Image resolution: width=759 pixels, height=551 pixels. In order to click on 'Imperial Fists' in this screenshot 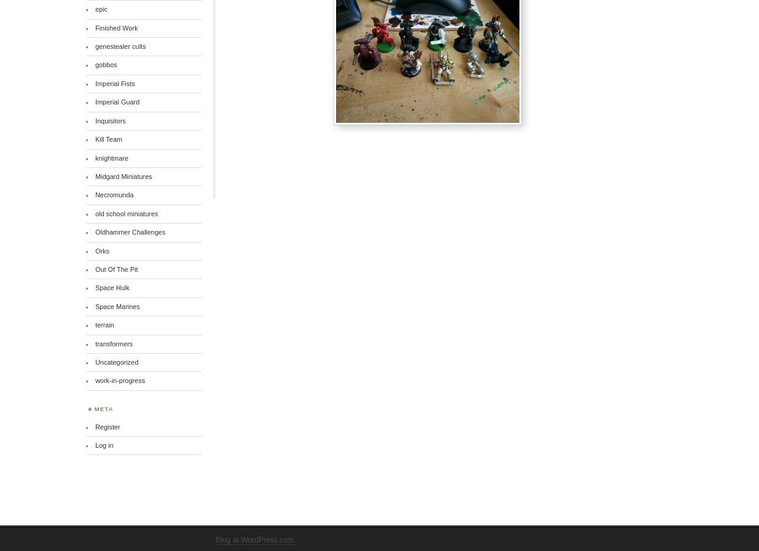, I will do `click(114, 83)`.